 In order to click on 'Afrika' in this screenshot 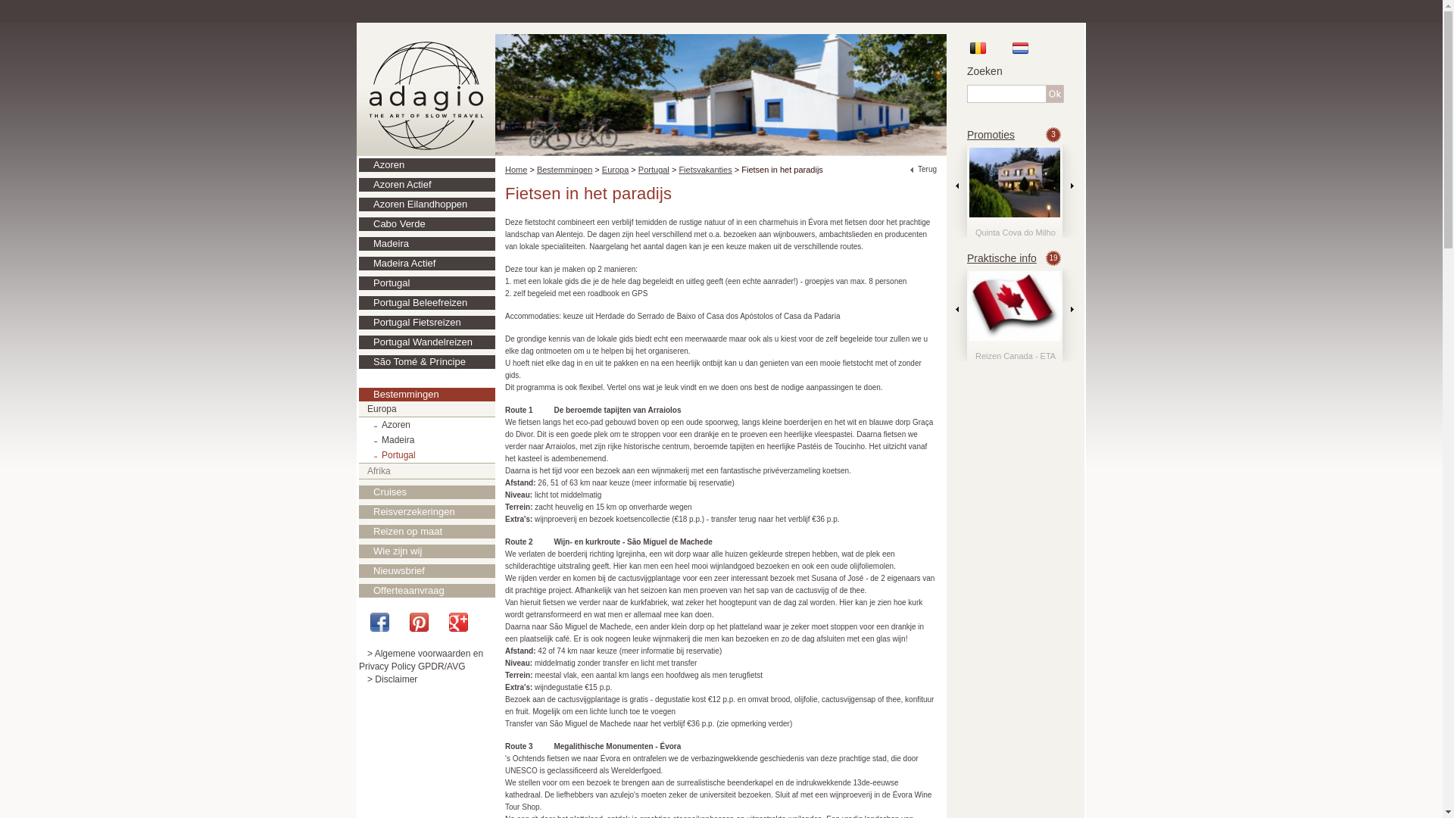, I will do `click(426, 470)`.